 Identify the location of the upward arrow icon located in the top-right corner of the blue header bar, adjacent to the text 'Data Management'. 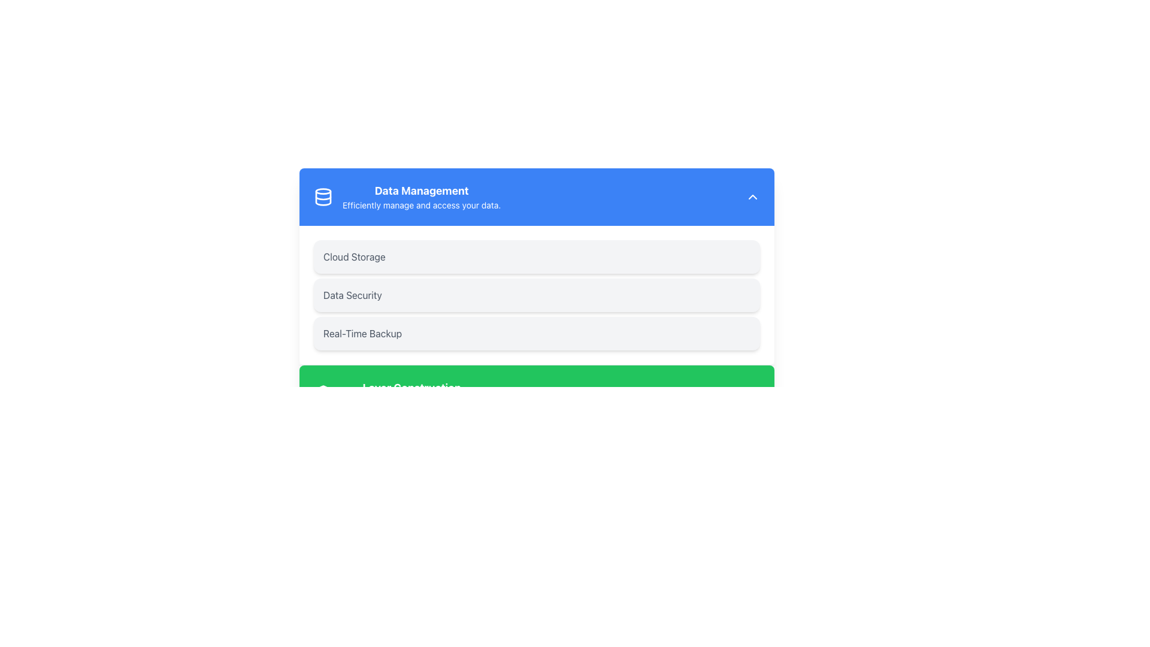
(752, 196).